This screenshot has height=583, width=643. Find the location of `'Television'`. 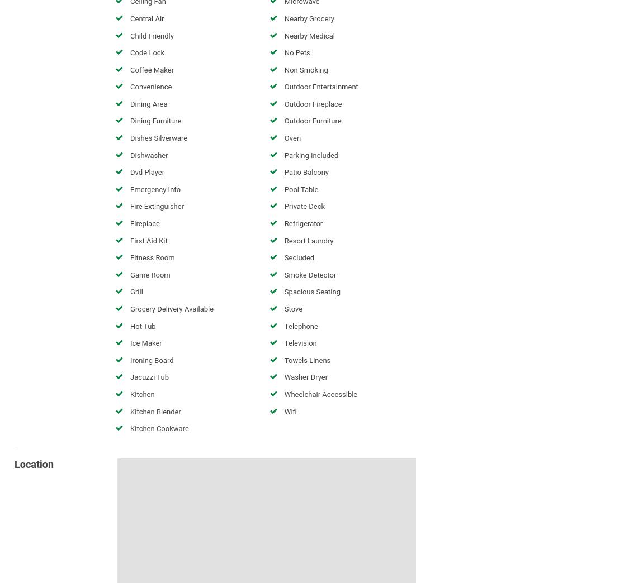

'Television' is located at coordinates (300, 343).